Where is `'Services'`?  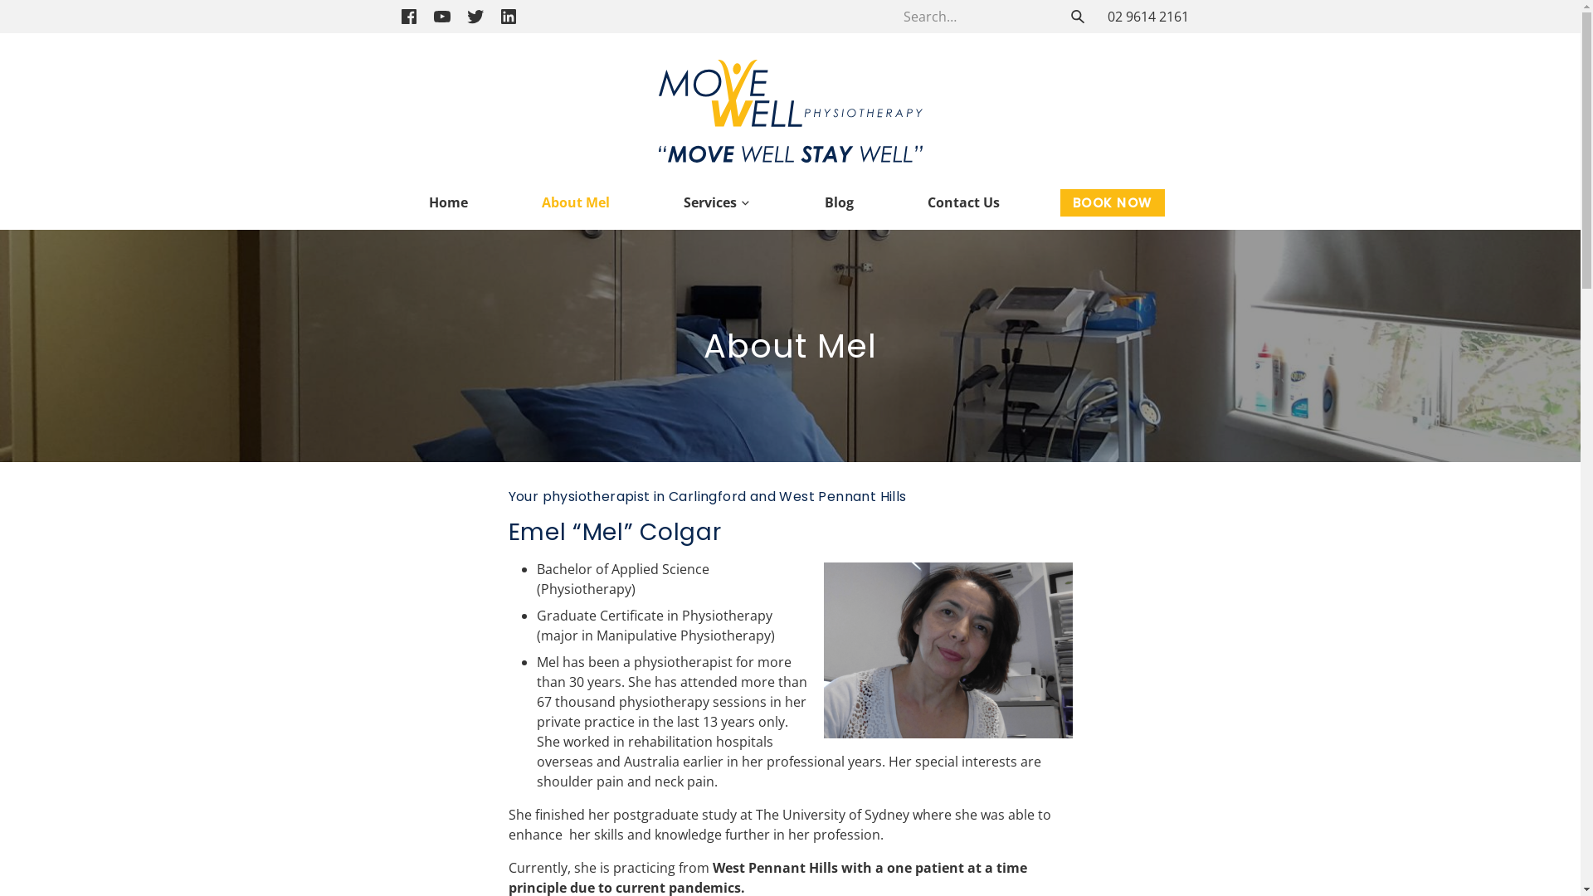
'Services' is located at coordinates (717, 201).